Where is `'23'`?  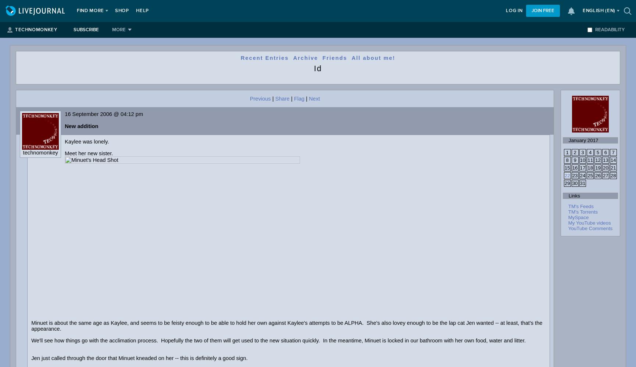 '23' is located at coordinates (575, 175).